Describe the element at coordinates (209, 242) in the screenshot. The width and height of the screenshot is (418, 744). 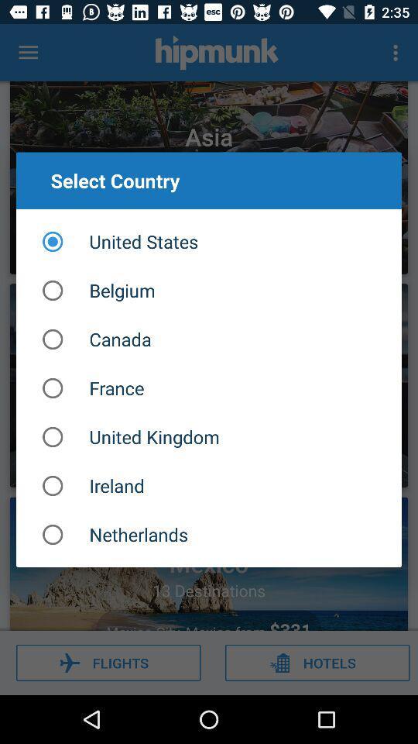
I see `united states` at that location.